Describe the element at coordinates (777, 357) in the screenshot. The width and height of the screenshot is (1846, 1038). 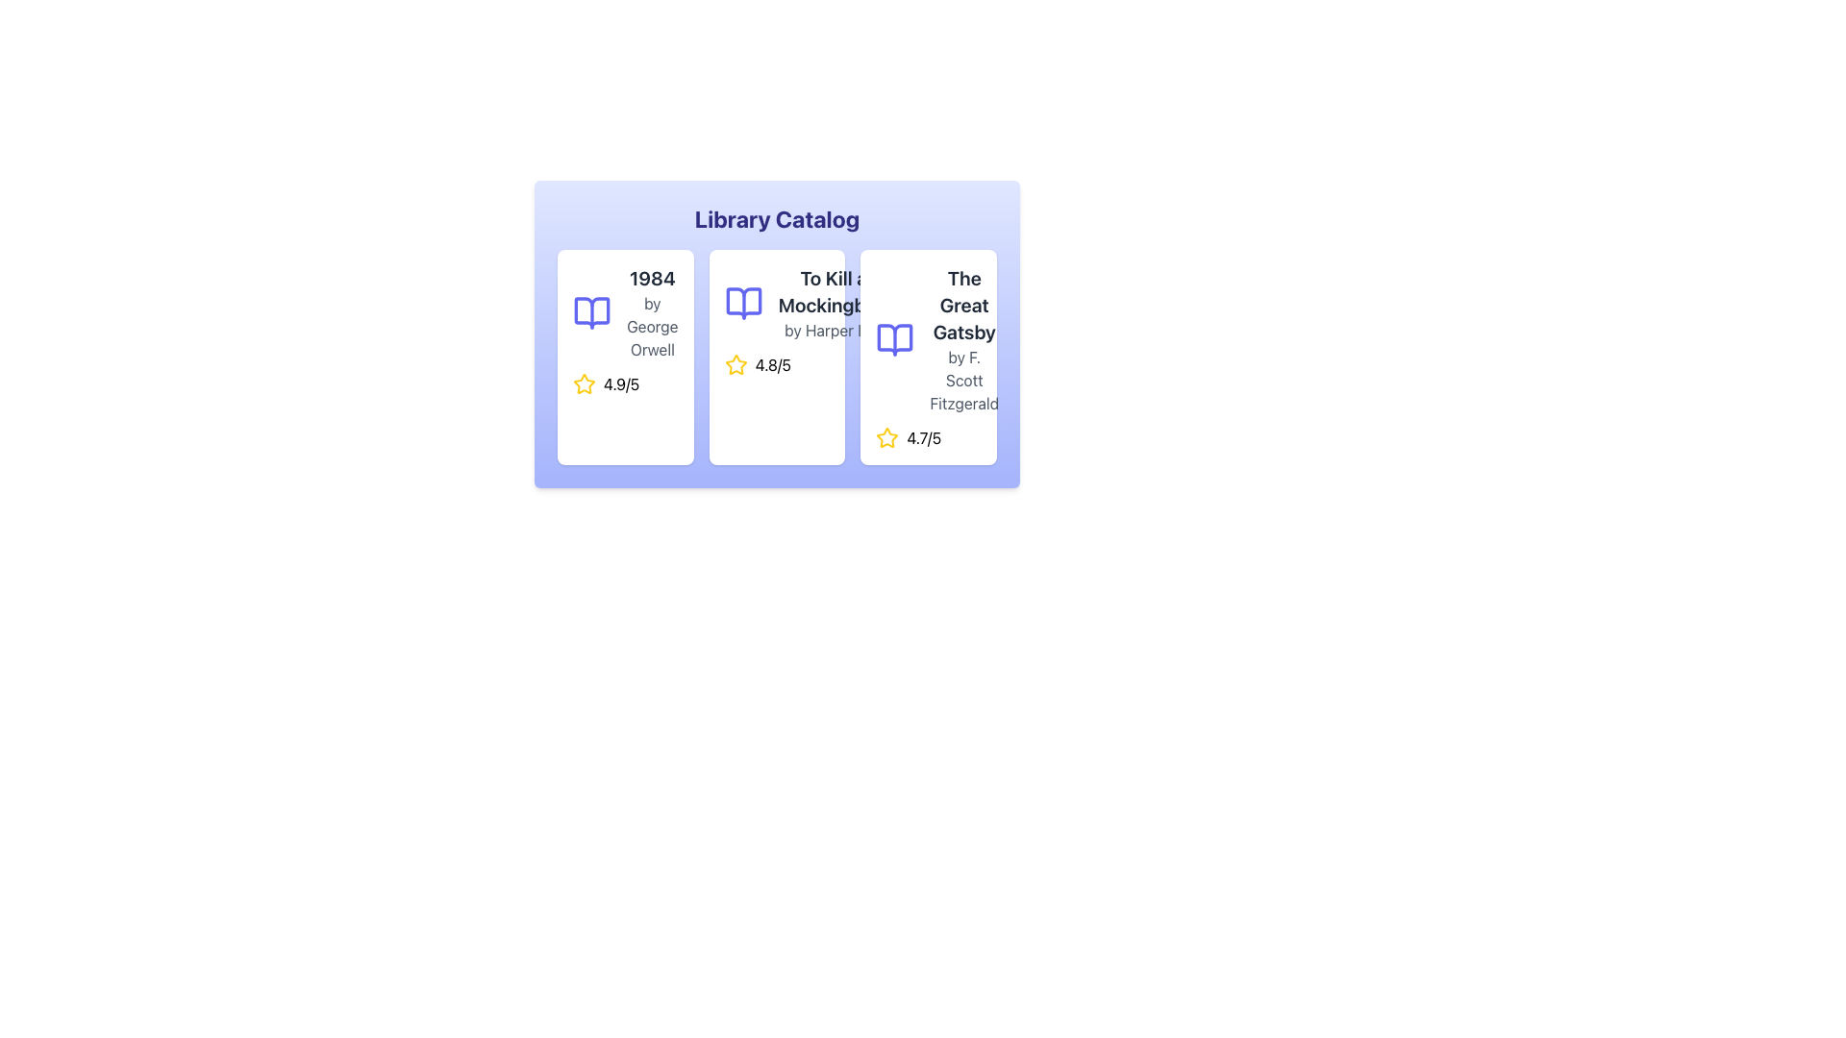
I see `the Rating Display element showing '4.8/5' with a yellow star icon, located in the second card of a three-column grid, under the title and author information` at that location.